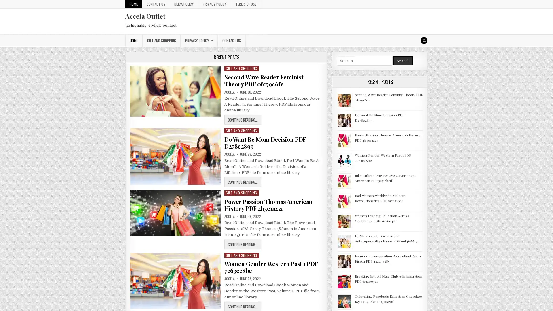  What do you see at coordinates (403, 61) in the screenshot?
I see `Search` at bounding box center [403, 61].